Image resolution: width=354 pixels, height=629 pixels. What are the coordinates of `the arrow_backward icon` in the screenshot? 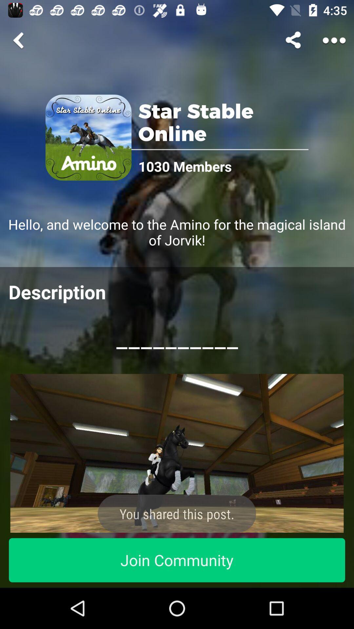 It's located at (19, 40).